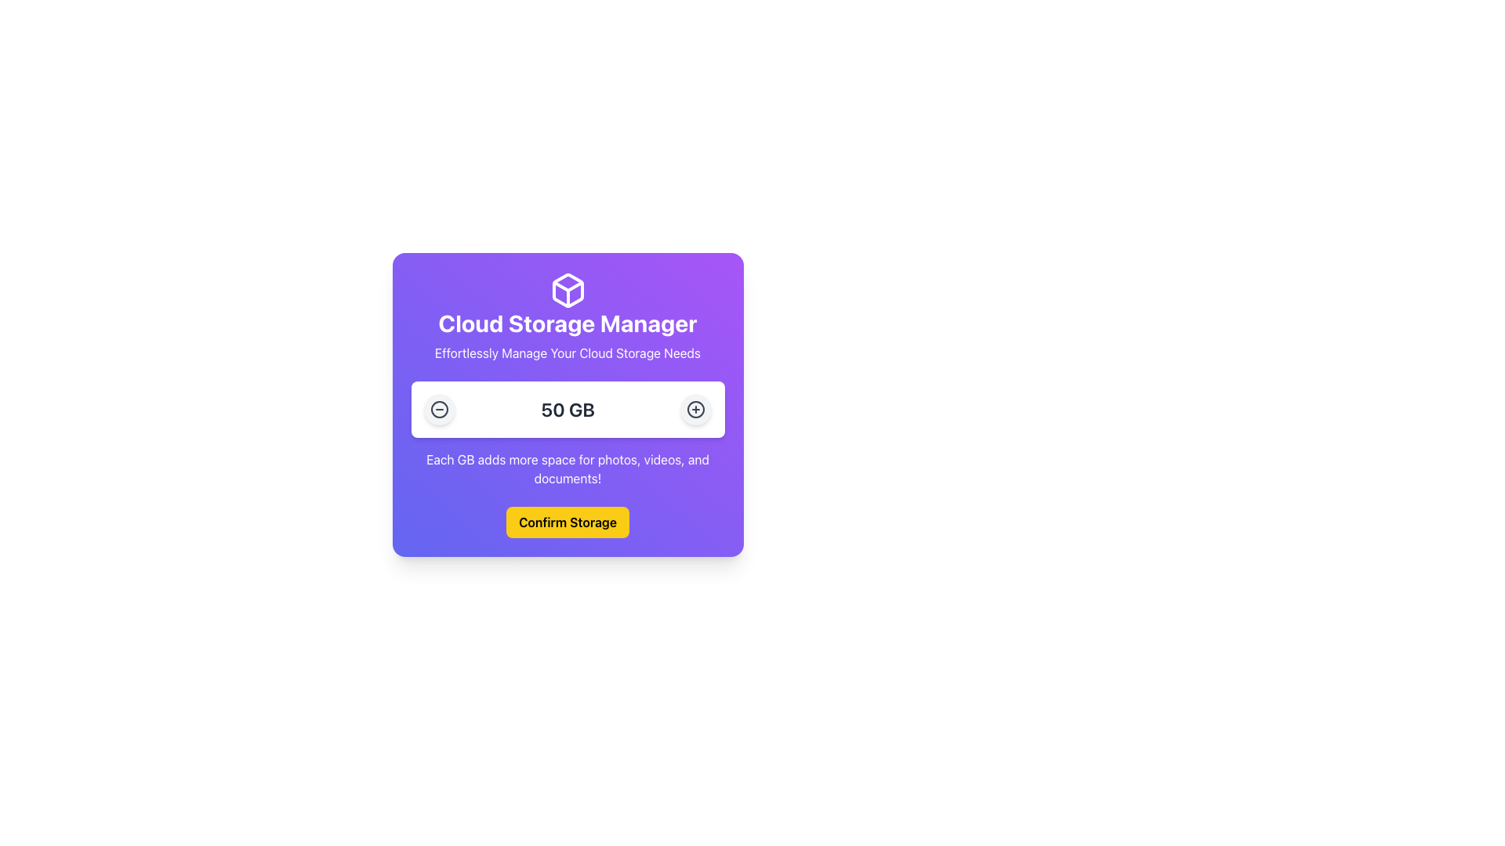 This screenshot has height=846, width=1505. Describe the element at coordinates (567, 290) in the screenshot. I see `the decorative triangular graphical SVG element located at the top-center of the 'Cloud Storage Manager' card-like panel` at that location.